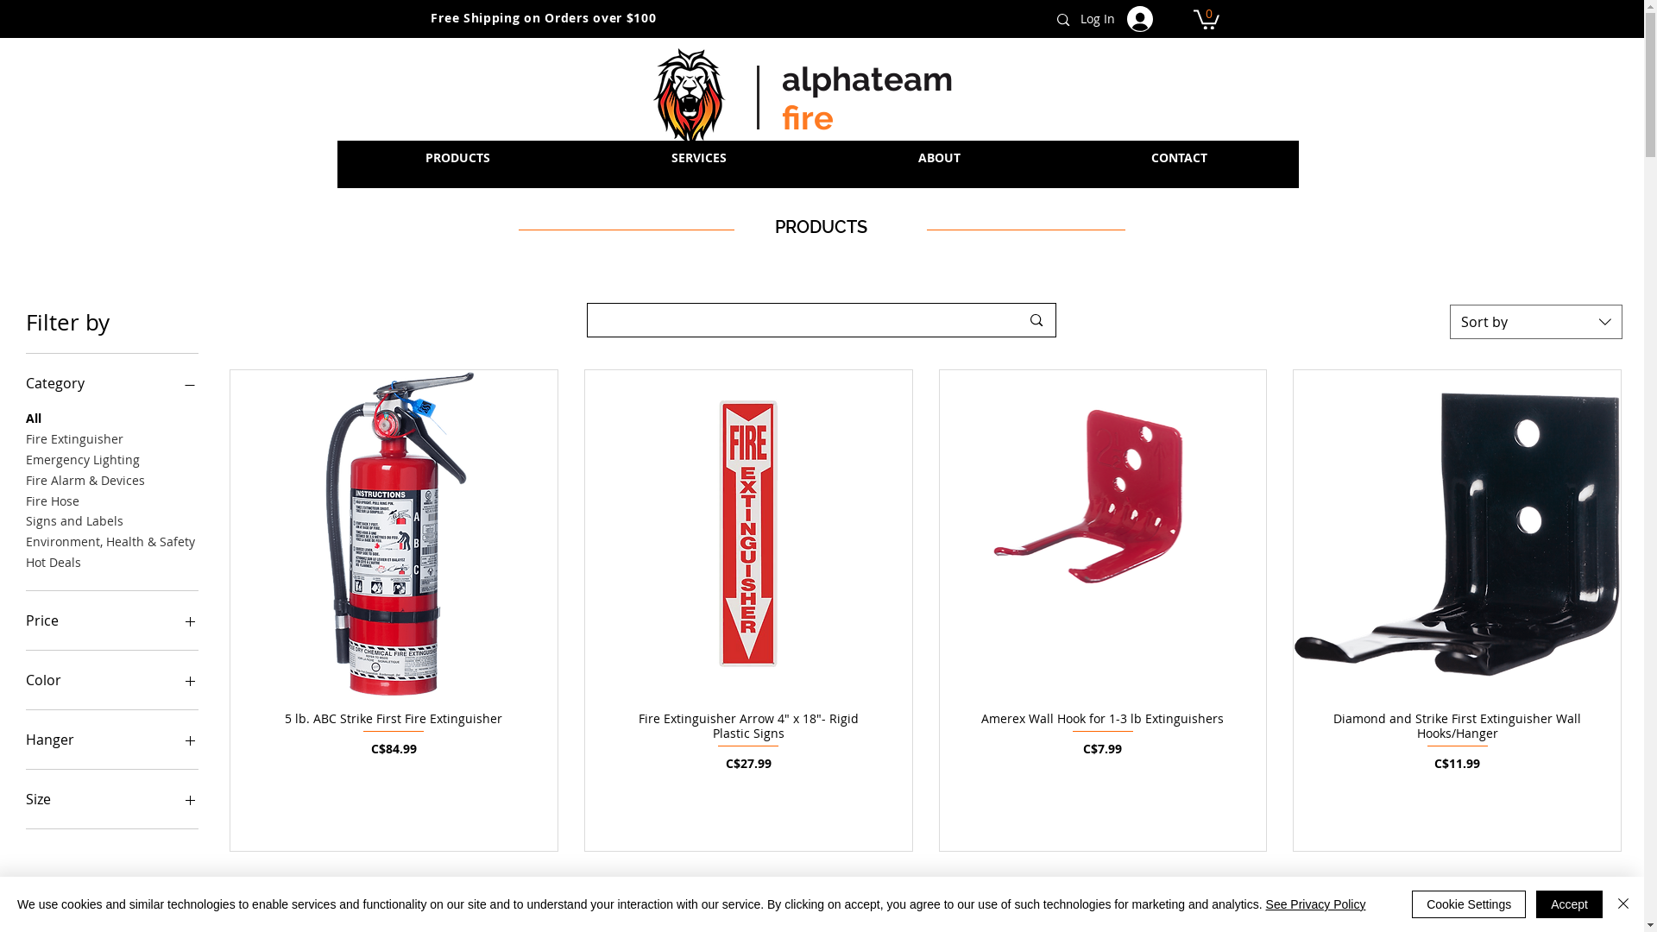 This screenshot has width=1657, height=932. I want to click on 'ABOUT', so click(936, 157).